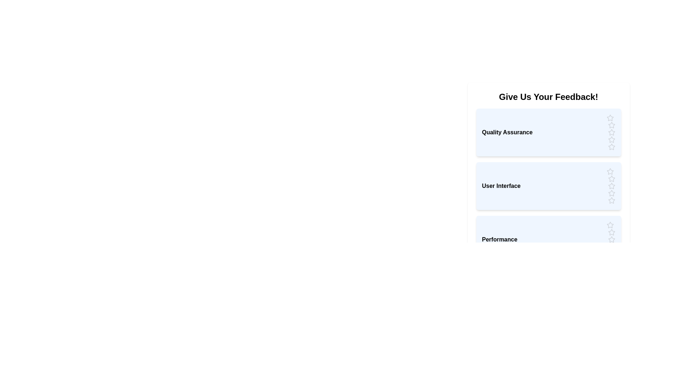  I want to click on the rating for the category 'User Interface' to 2 stars, so click(611, 178).